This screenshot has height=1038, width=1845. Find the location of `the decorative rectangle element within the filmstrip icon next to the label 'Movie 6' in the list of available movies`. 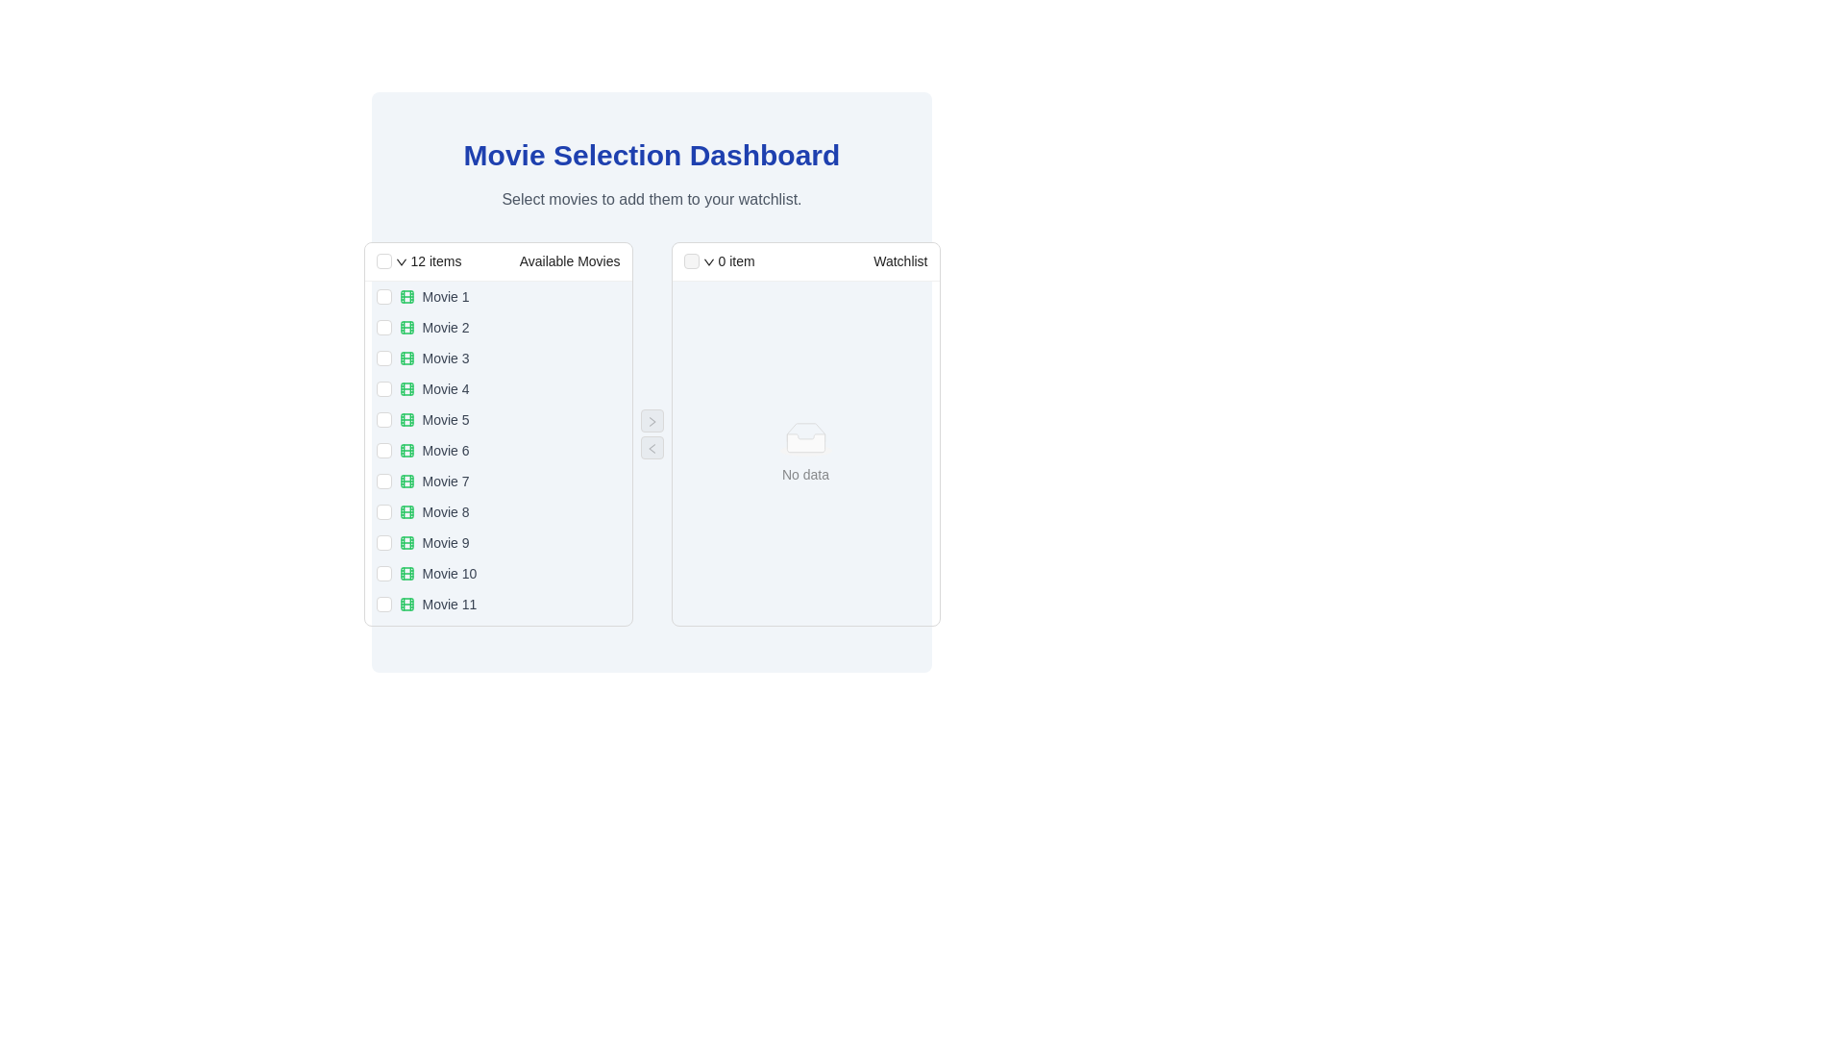

the decorative rectangle element within the filmstrip icon next to the label 'Movie 6' in the list of available movies is located at coordinates (406, 451).